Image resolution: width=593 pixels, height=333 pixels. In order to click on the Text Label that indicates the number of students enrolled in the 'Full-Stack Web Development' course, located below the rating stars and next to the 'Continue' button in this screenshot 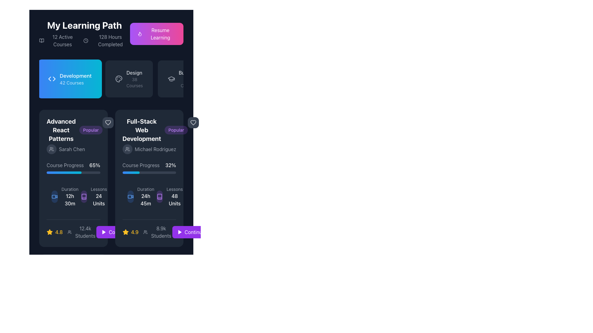, I will do `click(161, 232)`.